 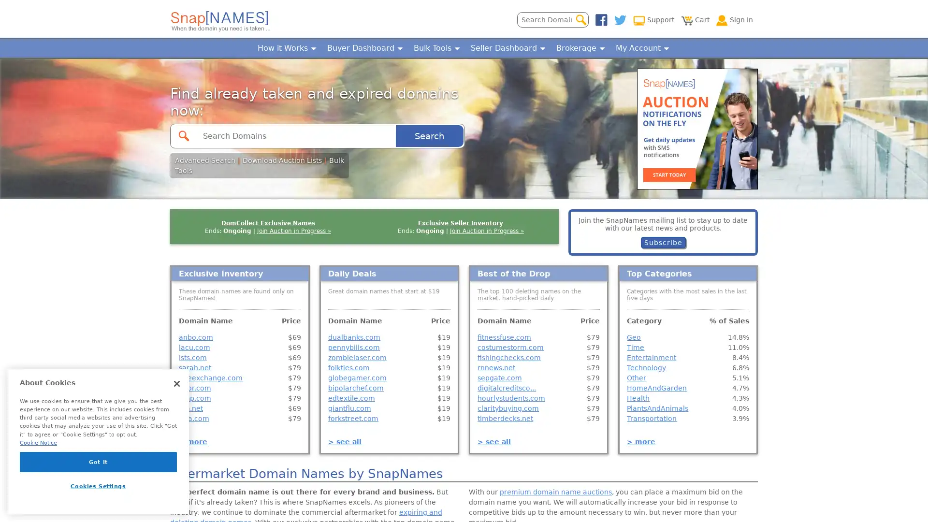 What do you see at coordinates (429, 135) in the screenshot?
I see `Search` at bounding box center [429, 135].